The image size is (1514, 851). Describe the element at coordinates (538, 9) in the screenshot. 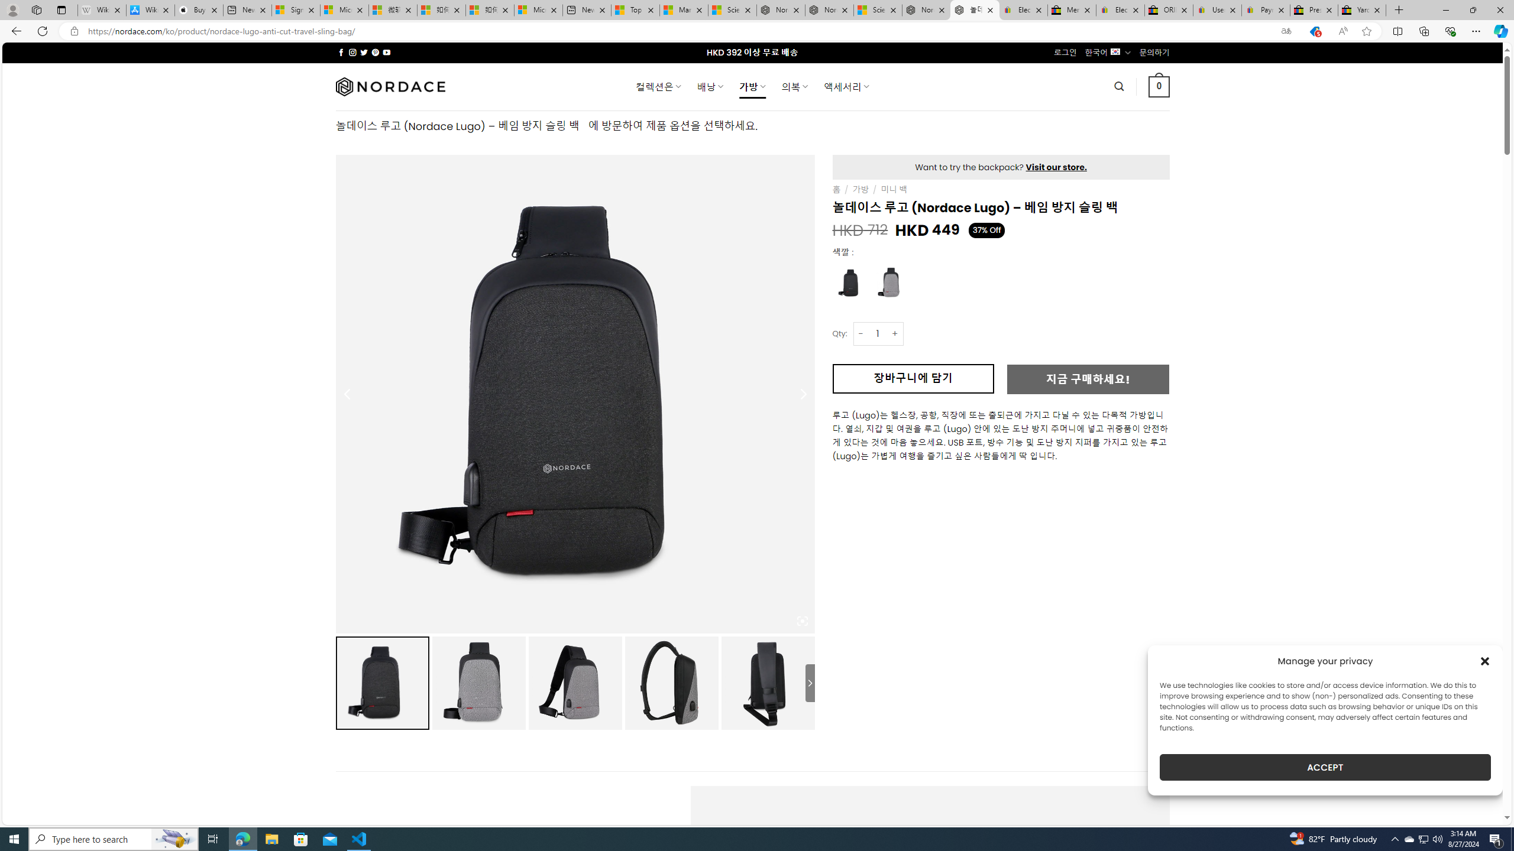

I see `'Microsoft account | Account Checkup'` at that location.